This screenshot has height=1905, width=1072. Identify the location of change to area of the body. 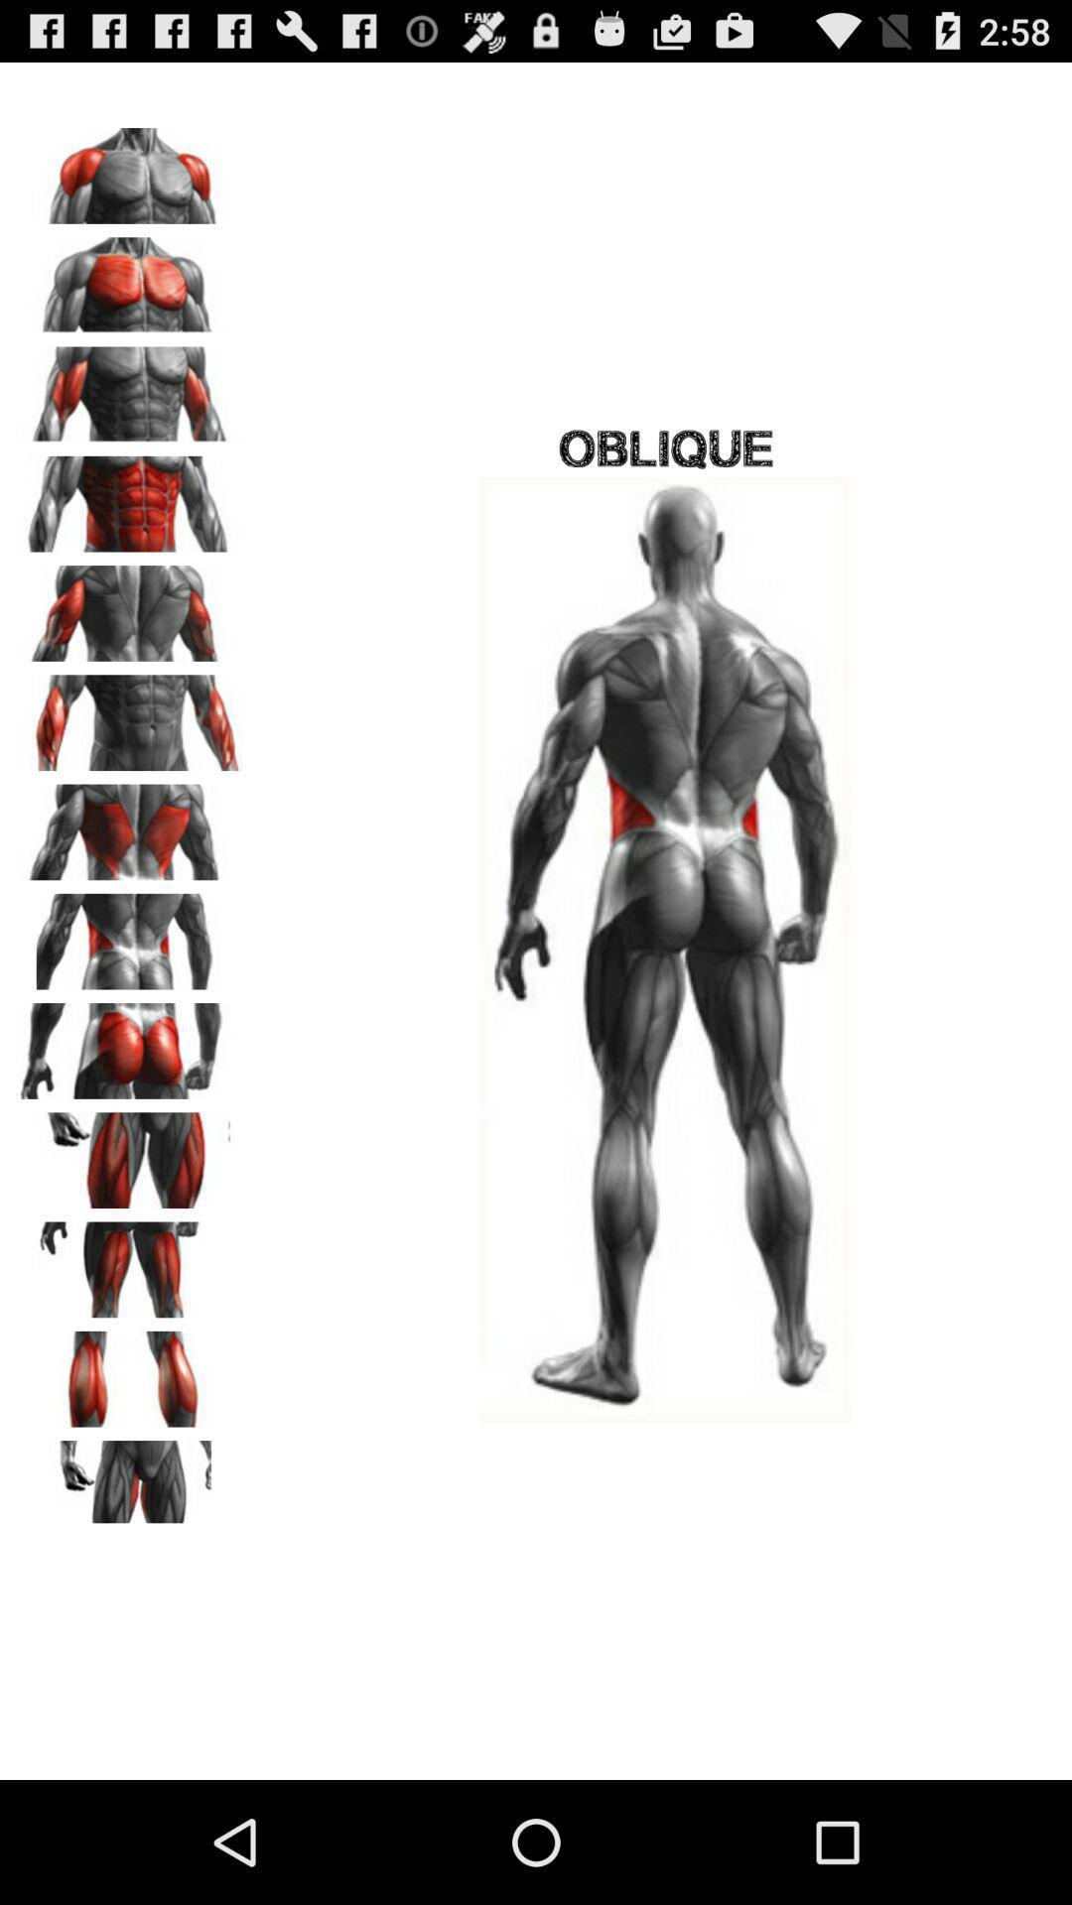
(130, 1262).